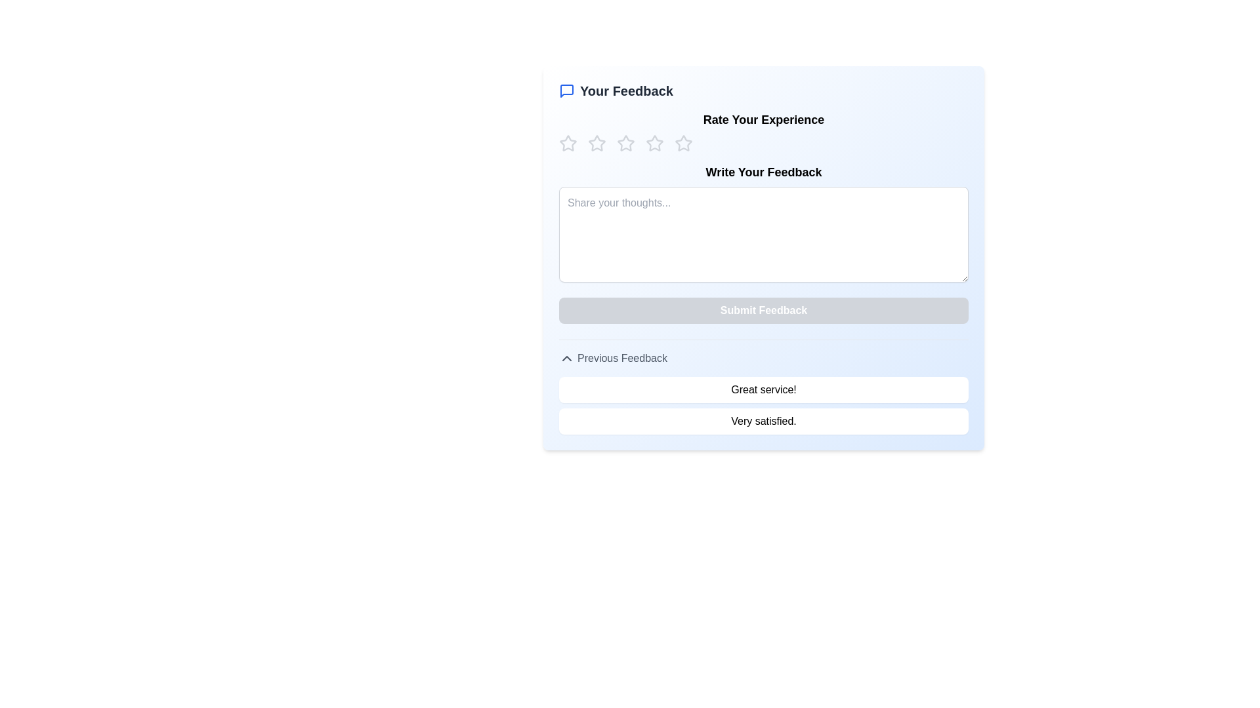 The height and width of the screenshot is (708, 1260). What do you see at coordinates (568, 143) in the screenshot?
I see `the first star icon in the row of five icons used for rating purposes, located under the 'Rate Your Experience' heading` at bounding box center [568, 143].